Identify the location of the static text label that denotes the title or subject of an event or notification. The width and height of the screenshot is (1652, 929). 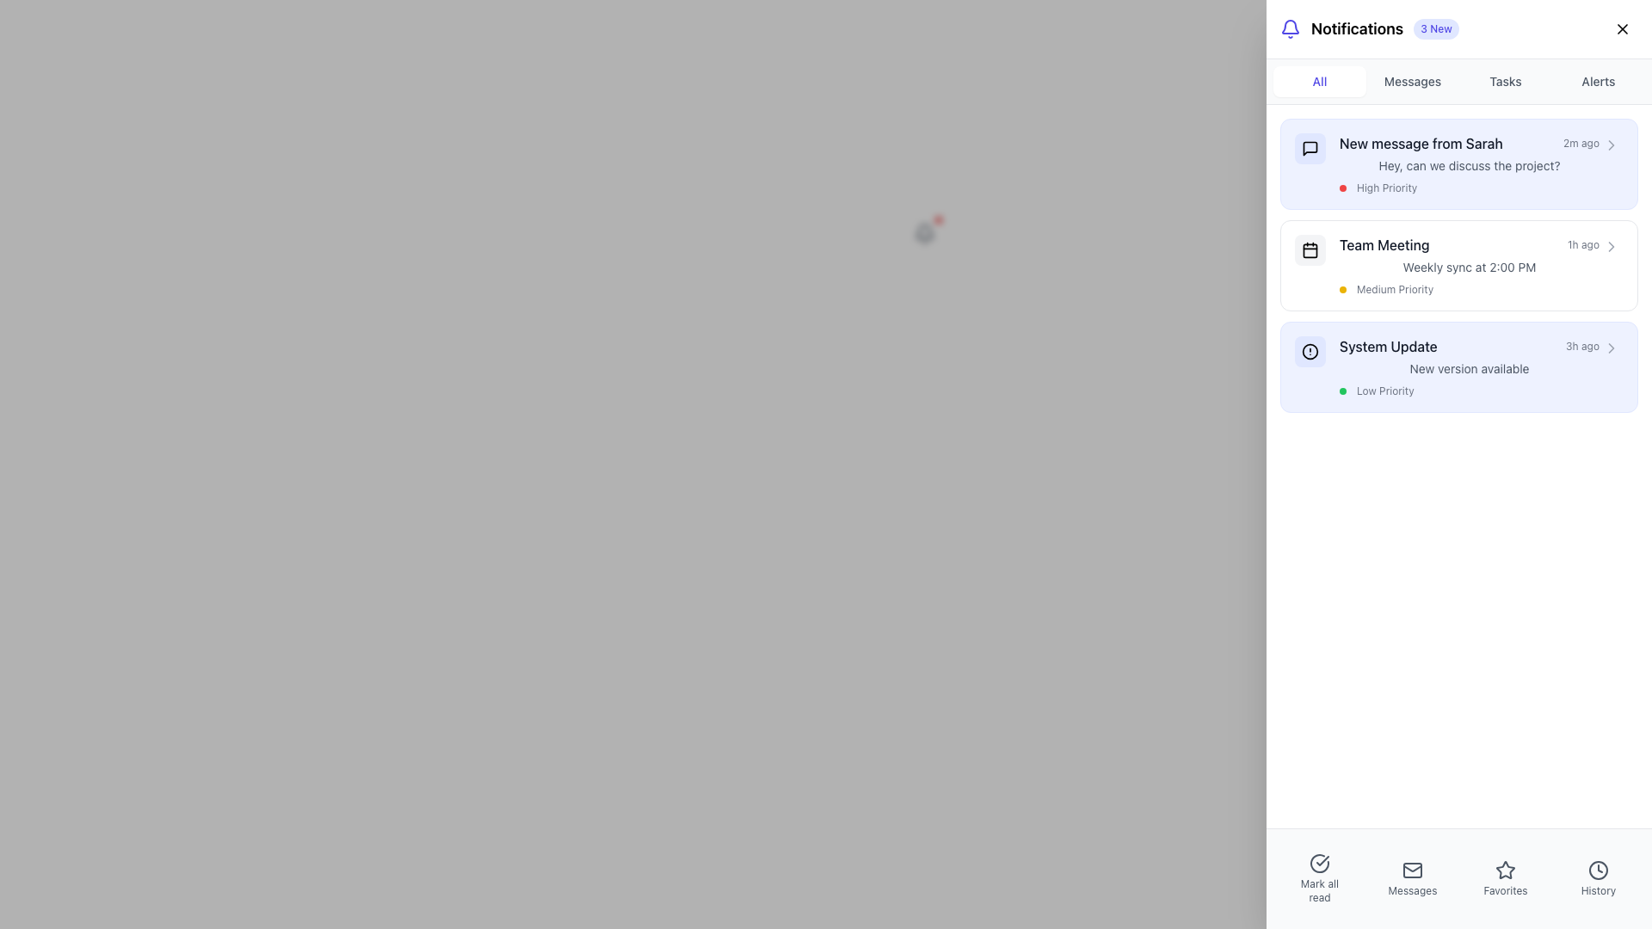
(1384, 245).